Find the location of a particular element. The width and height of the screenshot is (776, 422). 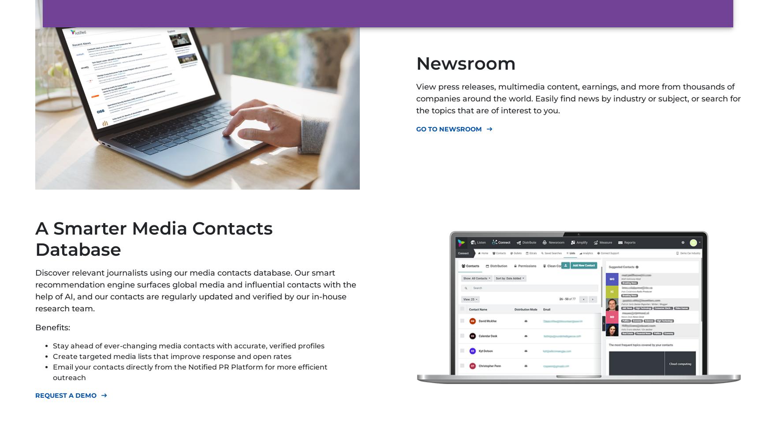

'Benefits:' is located at coordinates (52, 327).